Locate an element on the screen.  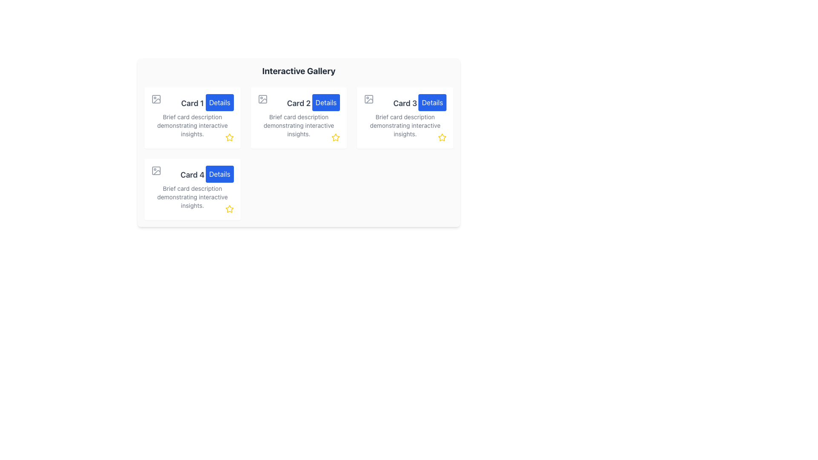
the card labeled 'Card 3' in the gallery layout to potentially trigger visual feedback is located at coordinates (405, 118).